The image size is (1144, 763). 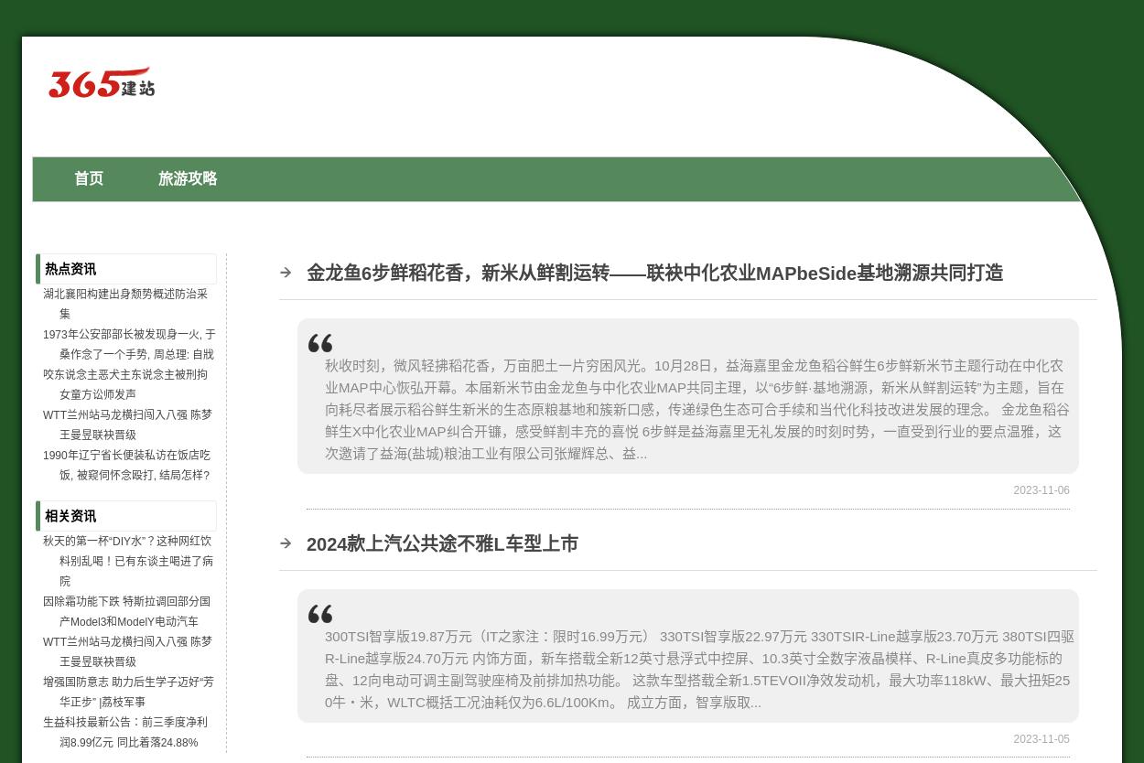 What do you see at coordinates (43, 731) in the screenshot?
I see `'生益科技最新公告：前三季度净利润8.99亿元 同比着落24.88%'` at bounding box center [43, 731].